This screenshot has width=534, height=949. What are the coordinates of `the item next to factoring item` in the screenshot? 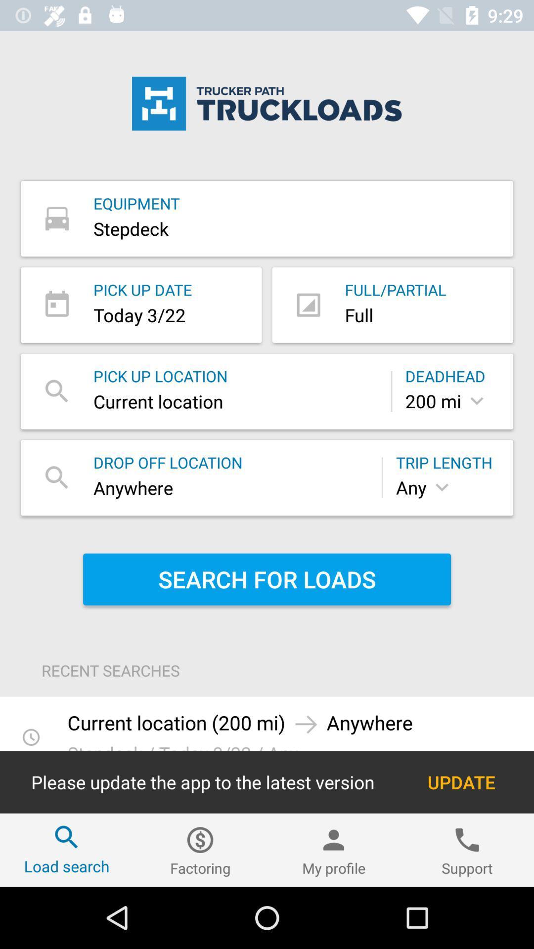 It's located at (334, 850).